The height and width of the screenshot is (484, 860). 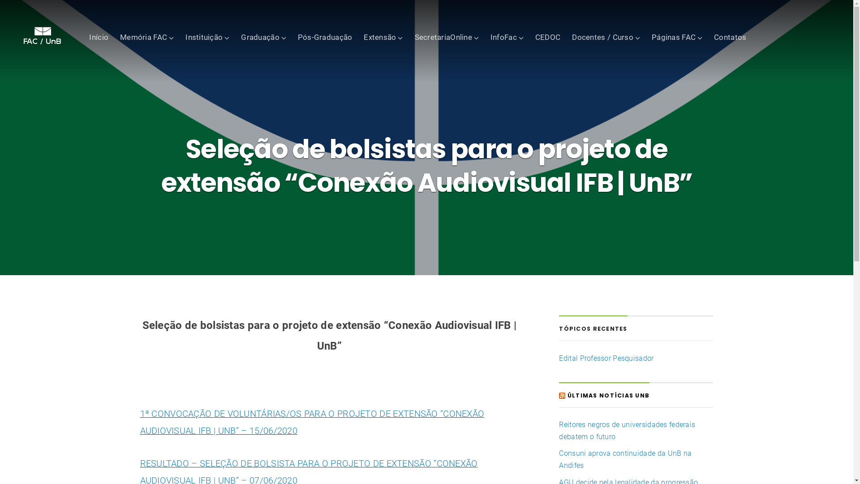 What do you see at coordinates (547, 36) in the screenshot?
I see `'CEDOC'` at bounding box center [547, 36].